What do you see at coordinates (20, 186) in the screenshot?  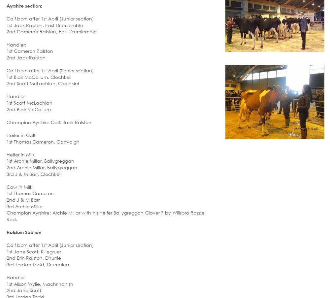 I see `'Cow in Milk:'` at bounding box center [20, 186].